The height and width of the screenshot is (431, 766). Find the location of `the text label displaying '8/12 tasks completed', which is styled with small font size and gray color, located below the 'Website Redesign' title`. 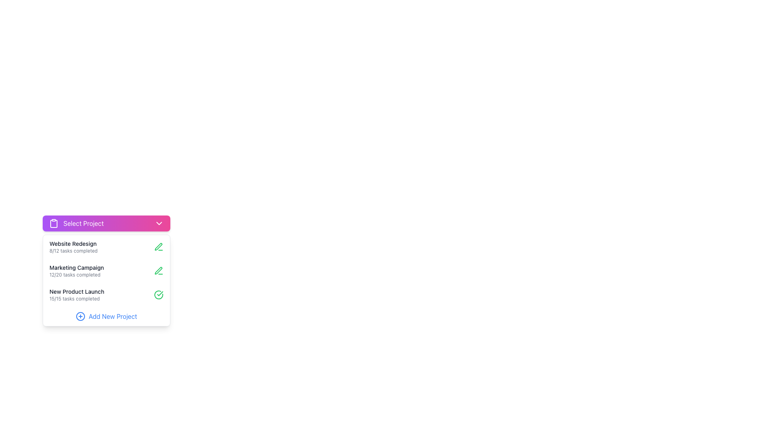

the text label displaying '8/12 tasks completed', which is styled with small font size and gray color, located below the 'Website Redesign' title is located at coordinates (73, 250).